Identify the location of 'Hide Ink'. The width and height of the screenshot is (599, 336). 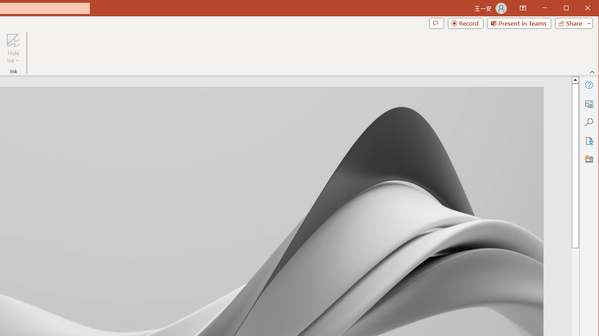
(13, 40).